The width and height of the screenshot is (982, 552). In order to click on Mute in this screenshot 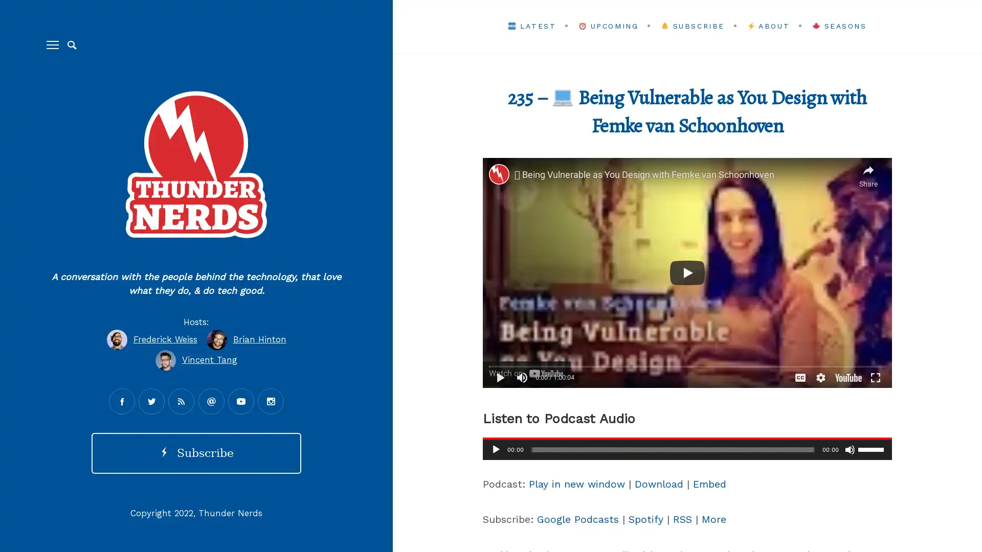, I will do `click(850, 449)`.